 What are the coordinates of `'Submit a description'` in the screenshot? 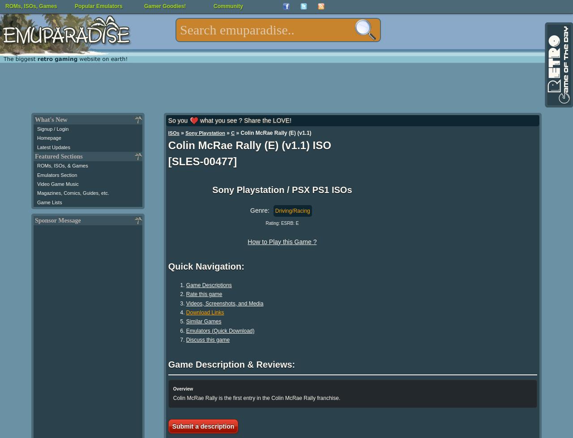 It's located at (202, 425).